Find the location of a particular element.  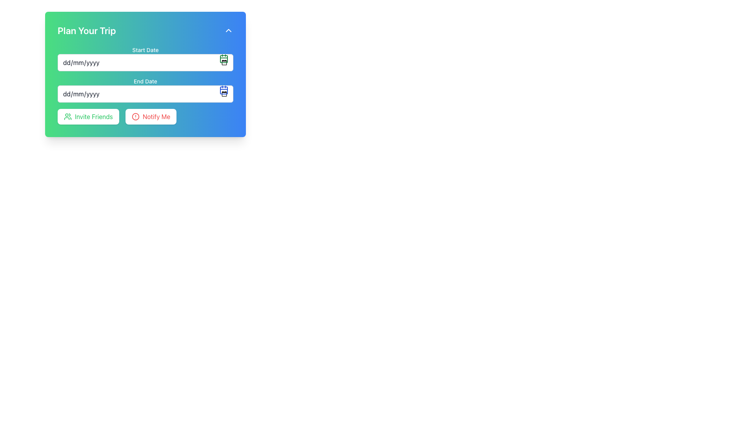

the 'Start Date' text label, which is styled in a small font and positioned above the date input field is located at coordinates (145, 50).